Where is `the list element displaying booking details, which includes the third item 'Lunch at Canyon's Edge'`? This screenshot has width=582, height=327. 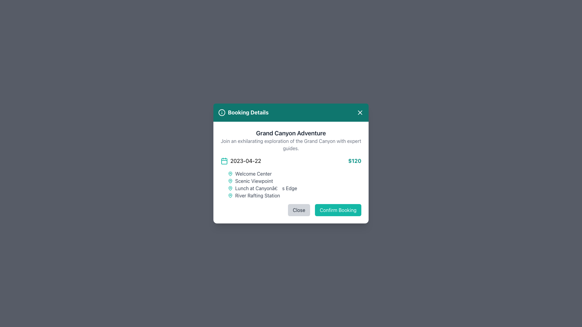 the list element displaying booking details, which includes the third item 'Lunch at Canyon's Edge' is located at coordinates (291, 184).